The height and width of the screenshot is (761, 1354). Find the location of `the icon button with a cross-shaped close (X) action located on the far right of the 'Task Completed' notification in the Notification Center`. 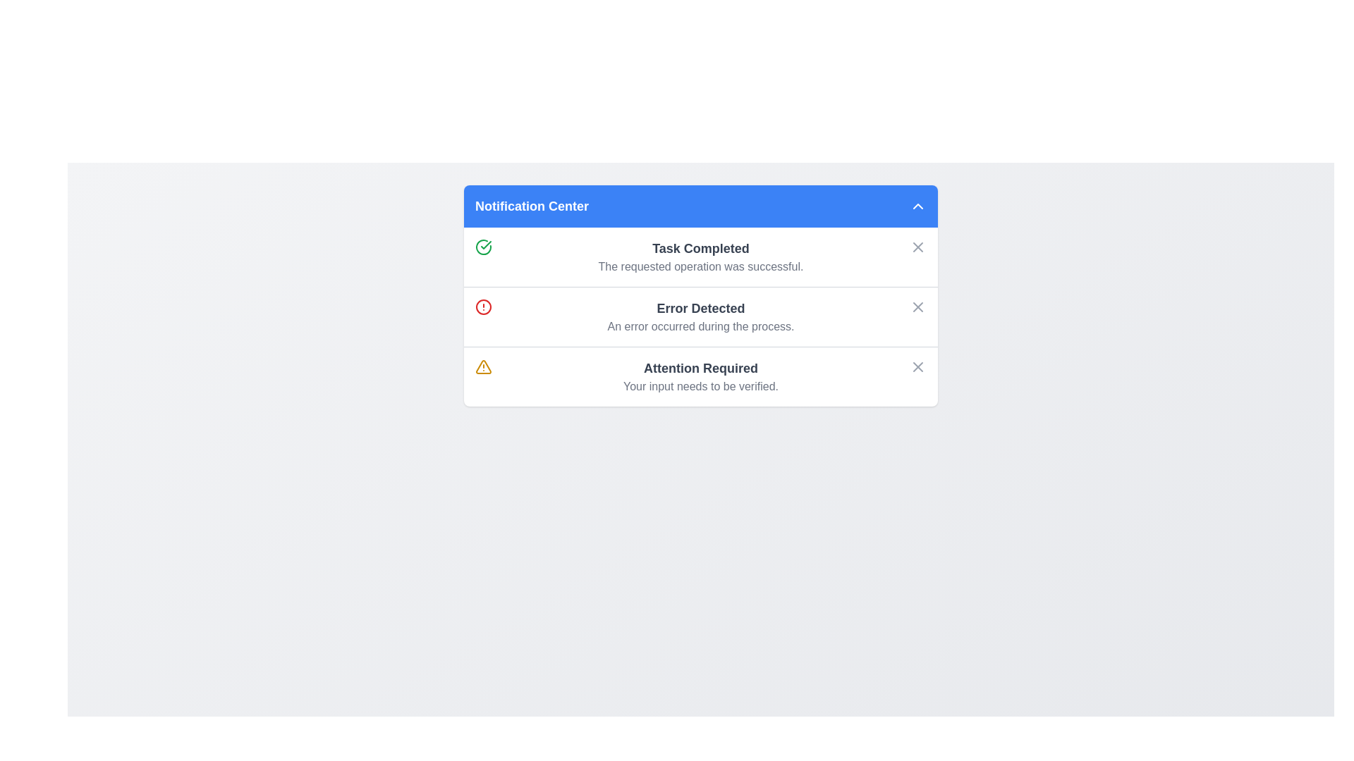

the icon button with a cross-shaped close (X) action located on the far right of the 'Task Completed' notification in the Notification Center is located at coordinates (917, 247).